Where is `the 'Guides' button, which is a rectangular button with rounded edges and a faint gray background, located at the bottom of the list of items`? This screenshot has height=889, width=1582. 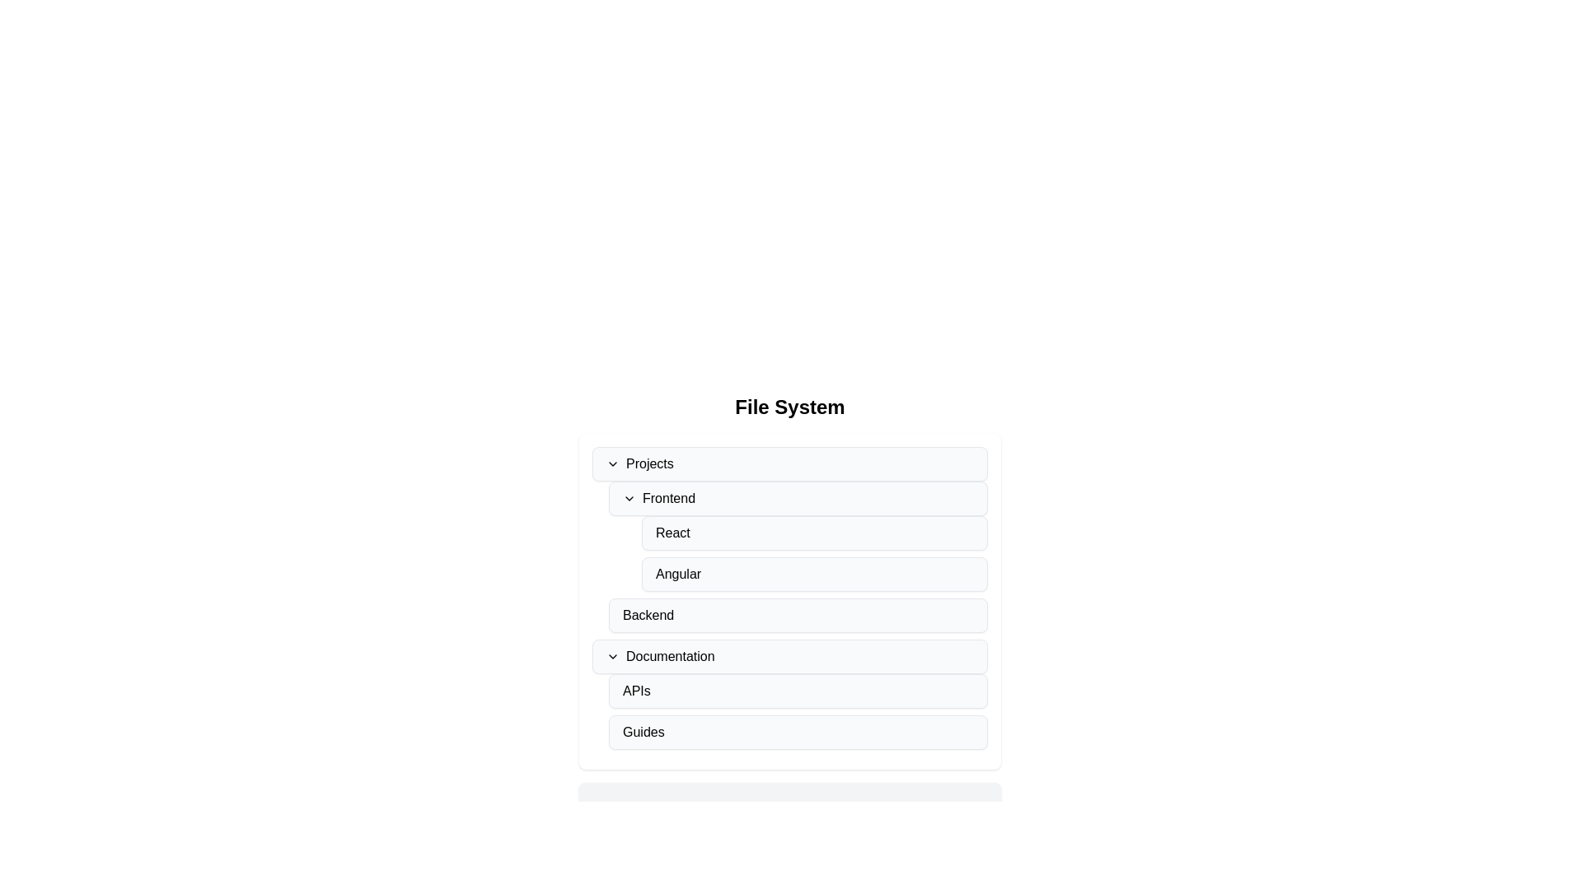 the 'Guides' button, which is a rectangular button with rounded edges and a faint gray background, located at the bottom of the list of items is located at coordinates (789, 732).